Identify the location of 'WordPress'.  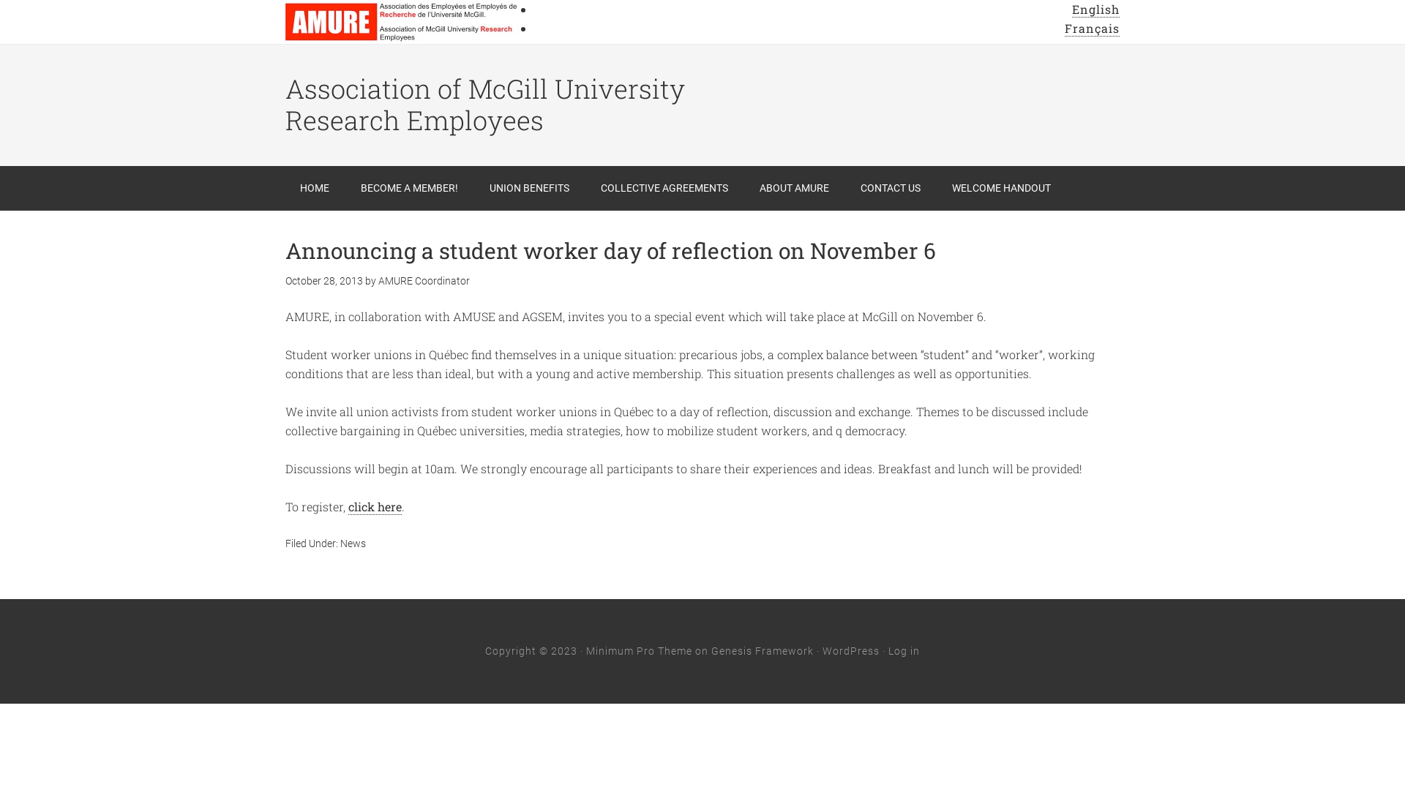
(850, 650).